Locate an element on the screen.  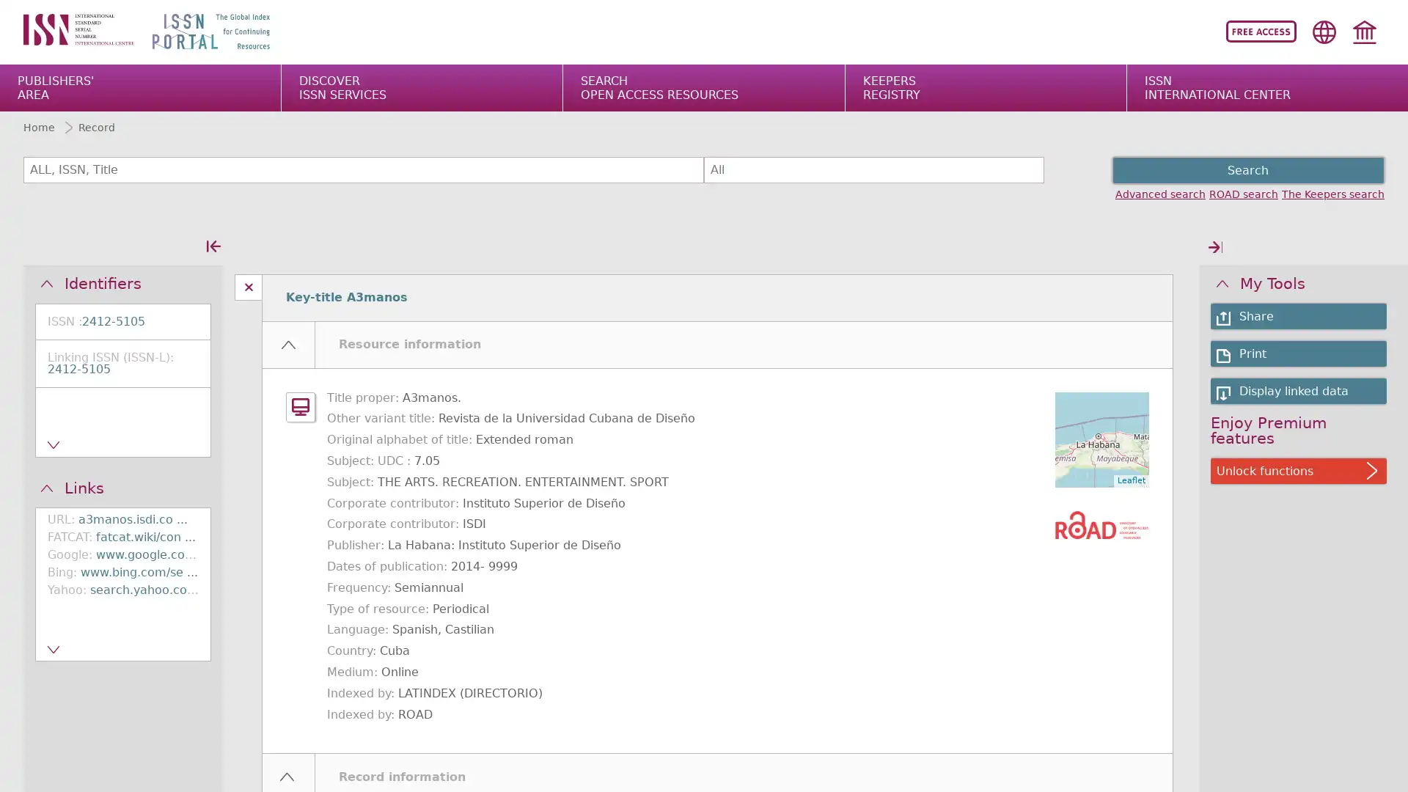
Search is located at coordinates (1247, 169).